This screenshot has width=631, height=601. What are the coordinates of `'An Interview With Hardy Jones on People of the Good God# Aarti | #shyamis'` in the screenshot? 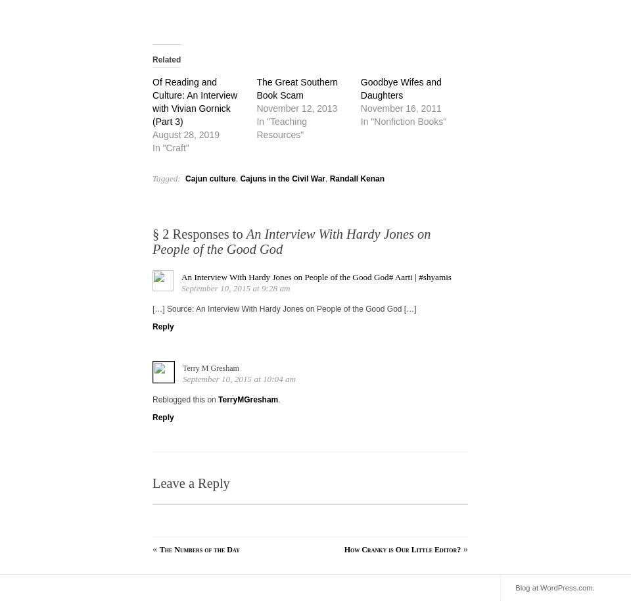 It's located at (315, 276).